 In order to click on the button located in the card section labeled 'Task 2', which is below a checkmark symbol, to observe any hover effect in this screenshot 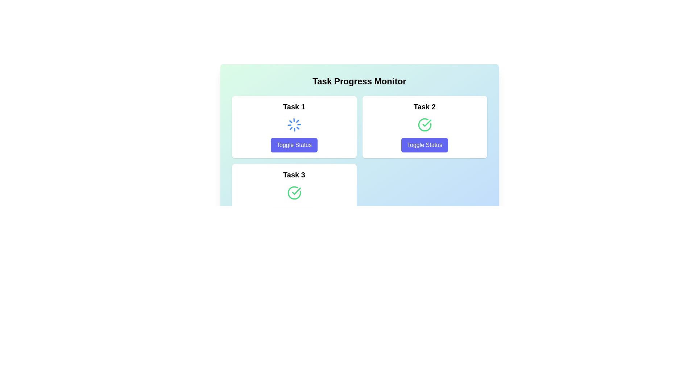, I will do `click(424, 145)`.